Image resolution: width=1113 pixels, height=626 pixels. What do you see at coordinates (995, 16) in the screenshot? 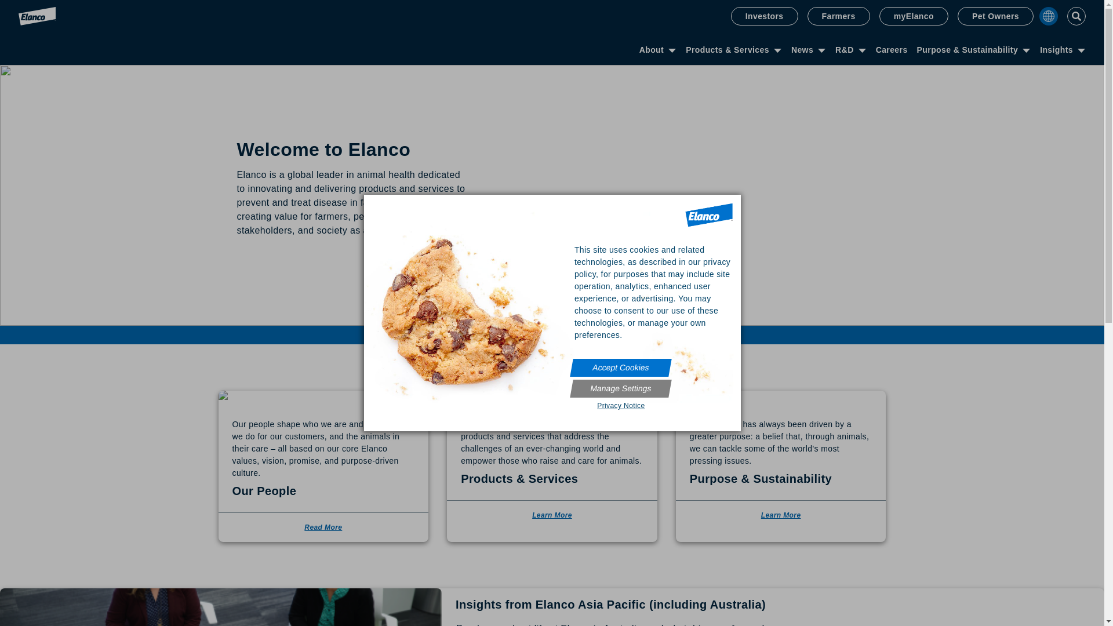
I see `'Pet Owners'` at bounding box center [995, 16].